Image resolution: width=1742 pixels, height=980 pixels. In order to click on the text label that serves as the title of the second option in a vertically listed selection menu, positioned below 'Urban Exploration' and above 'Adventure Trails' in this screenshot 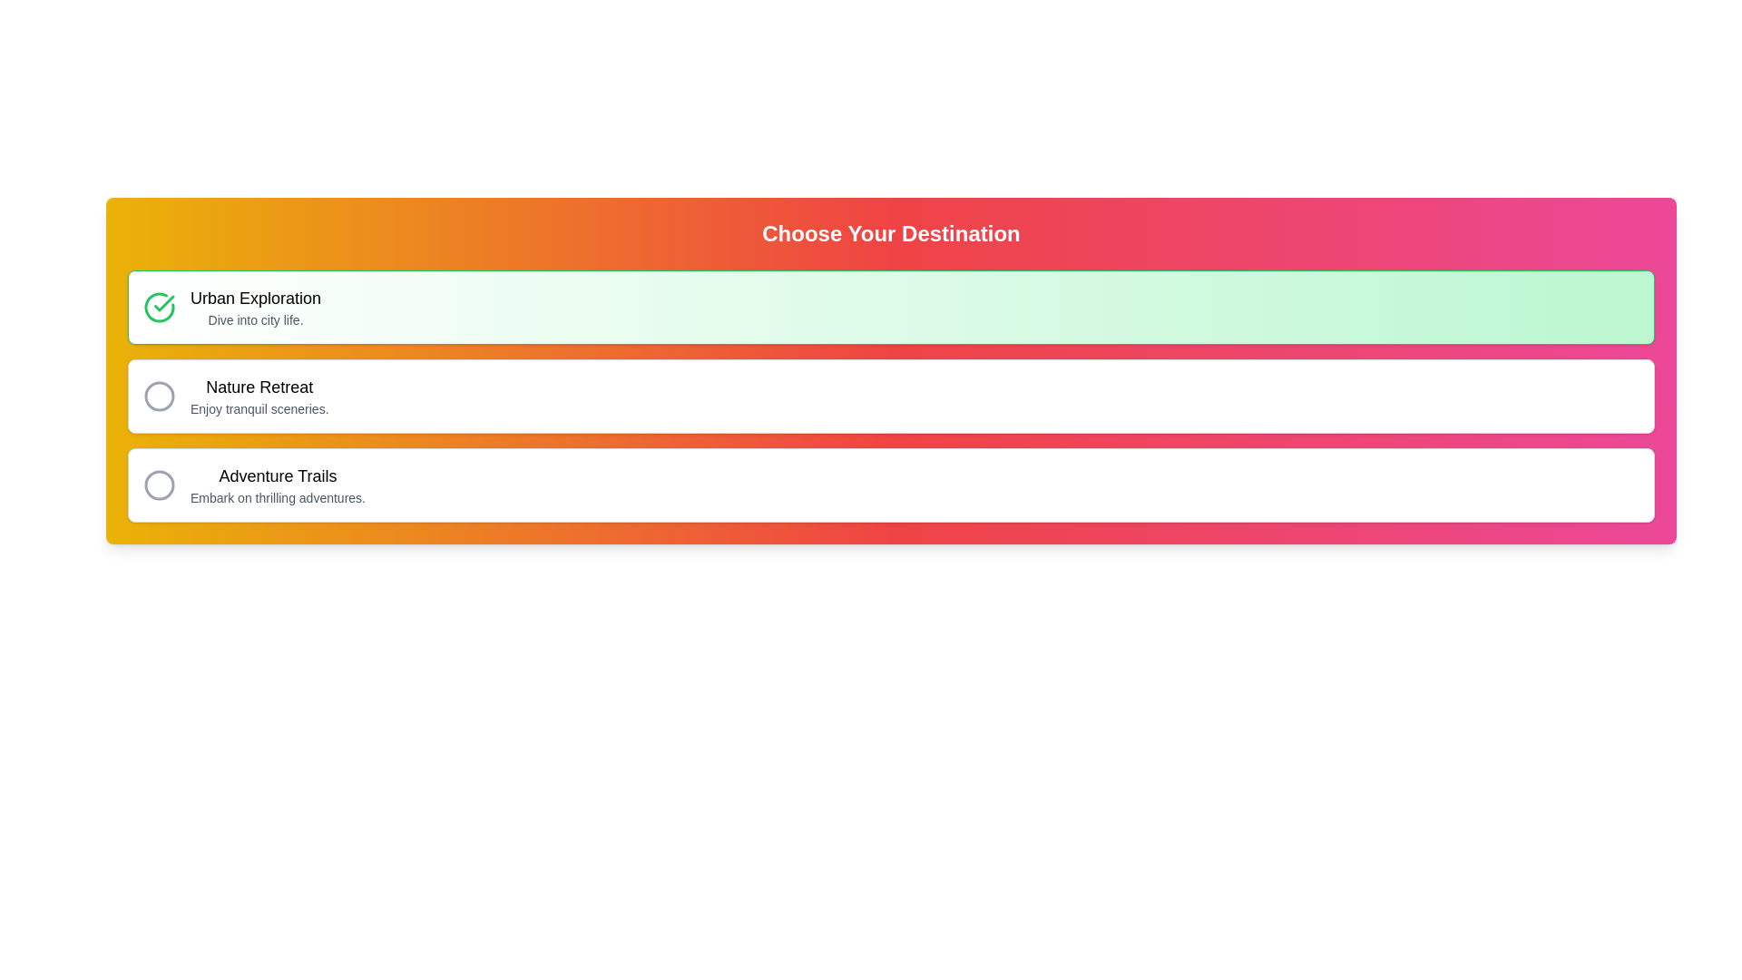, I will do `click(259, 387)`.